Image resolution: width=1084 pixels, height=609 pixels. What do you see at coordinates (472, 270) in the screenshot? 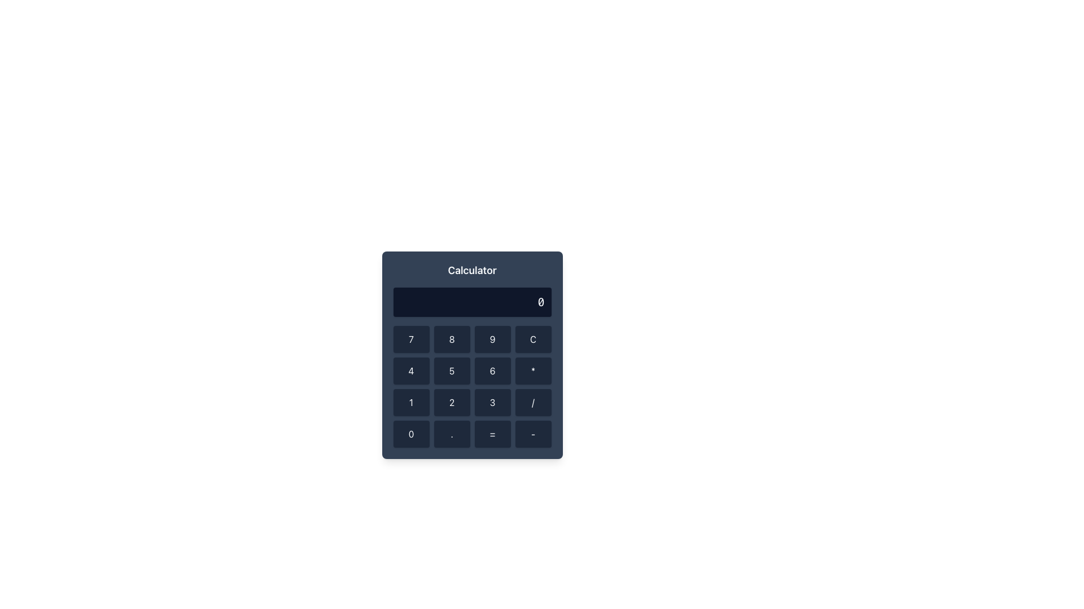
I see `the static text label displaying 'Calculator' in bold at the top of the calculator interface` at bounding box center [472, 270].